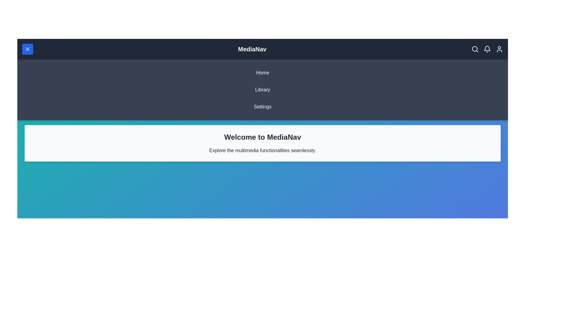  I want to click on the 'Library' menu item in the sidebar, so click(262, 90).